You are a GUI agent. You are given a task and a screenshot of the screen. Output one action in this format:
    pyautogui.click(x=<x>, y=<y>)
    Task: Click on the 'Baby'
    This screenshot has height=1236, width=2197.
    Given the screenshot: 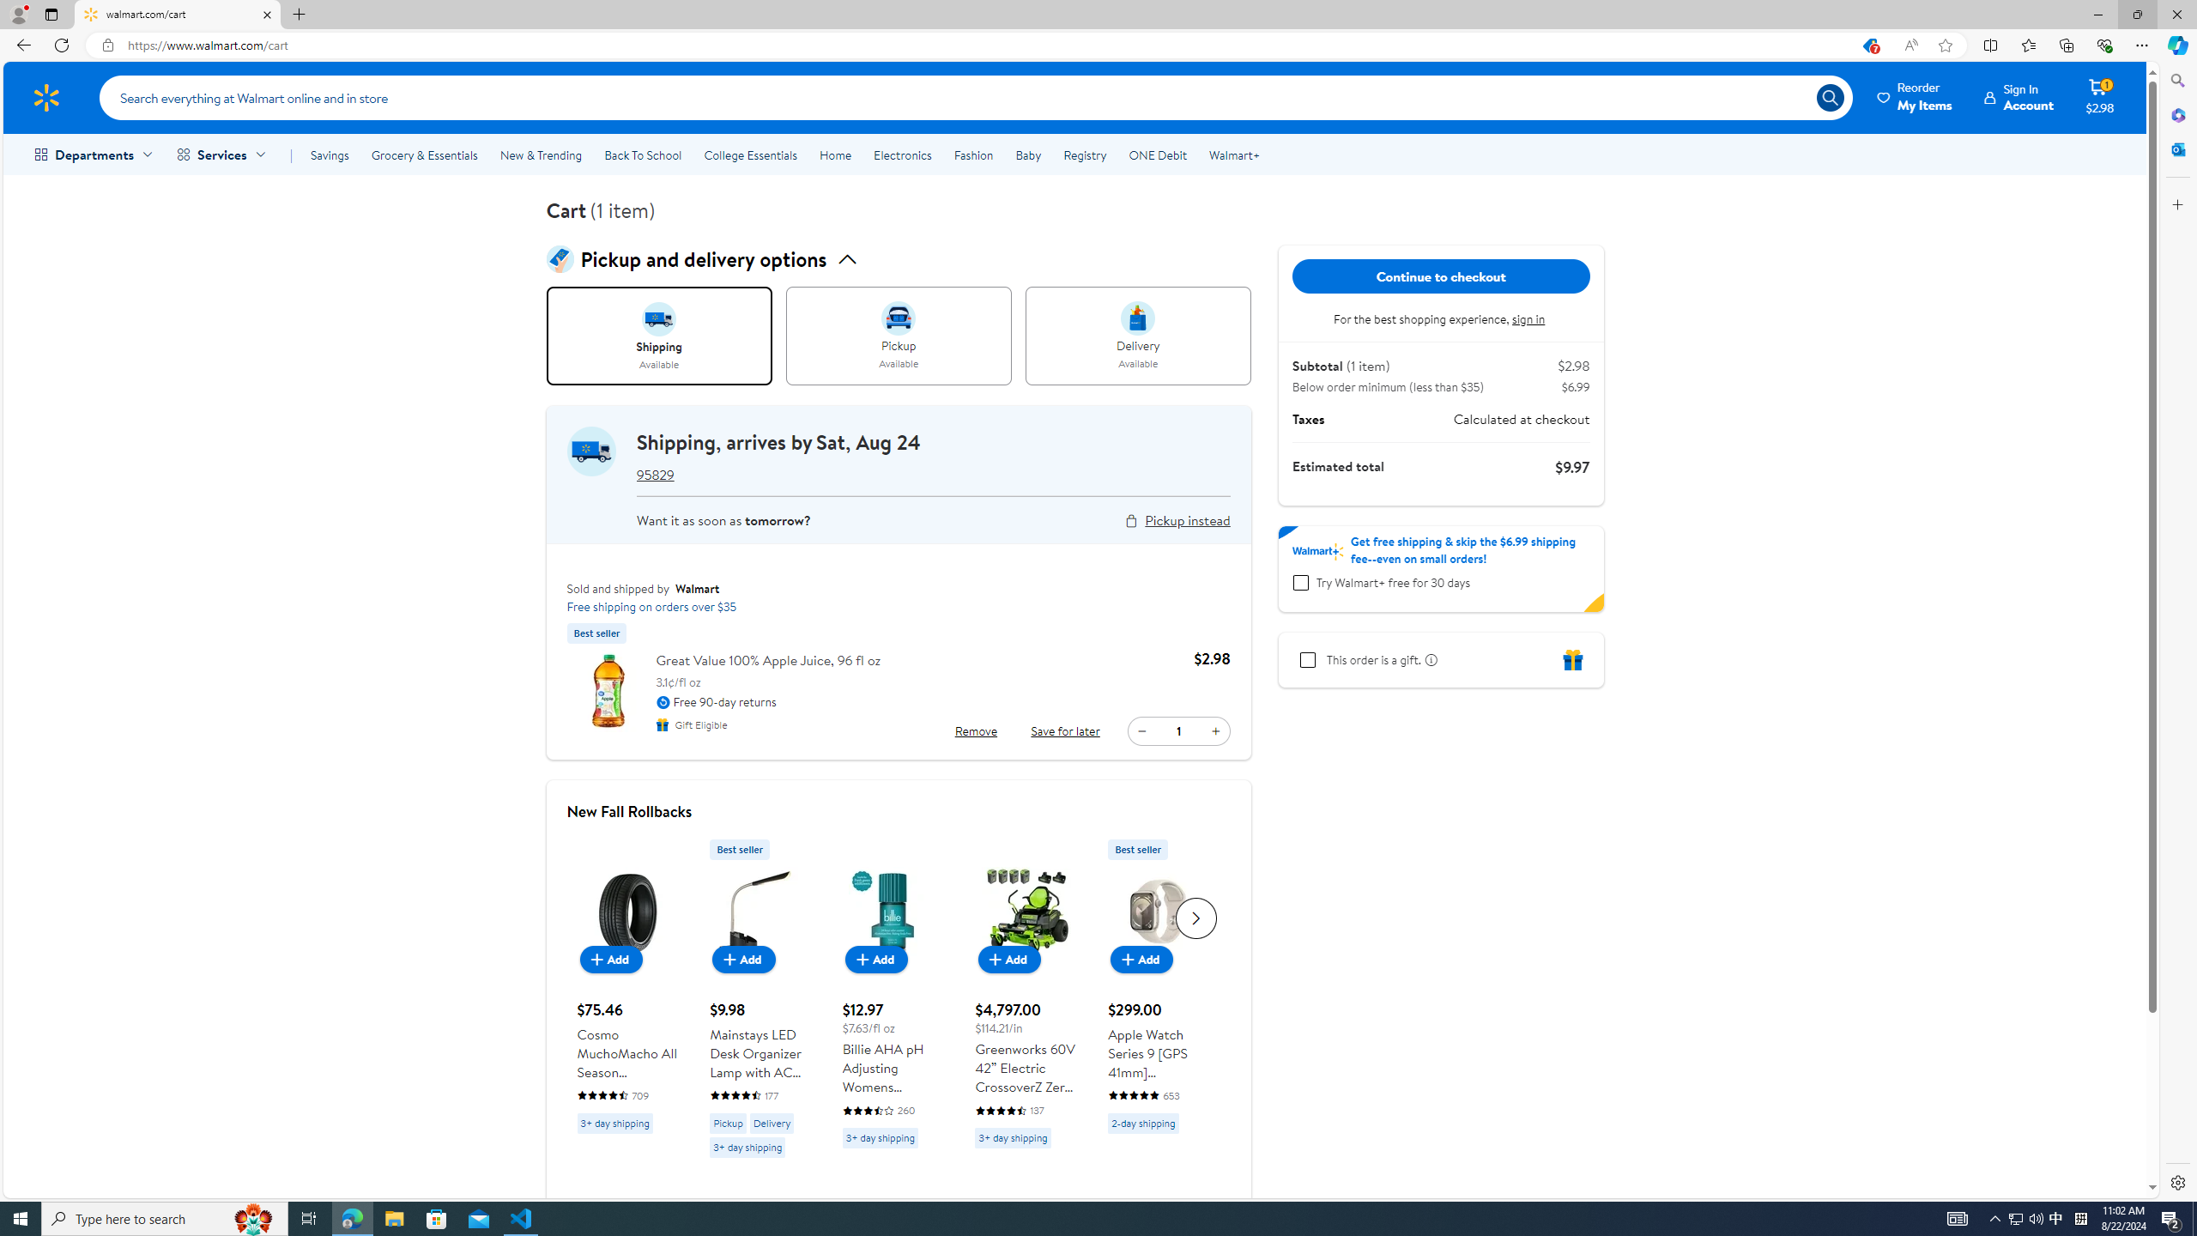 What is the action you would take?
    pyautogui.click(x=1028, y=154)
    